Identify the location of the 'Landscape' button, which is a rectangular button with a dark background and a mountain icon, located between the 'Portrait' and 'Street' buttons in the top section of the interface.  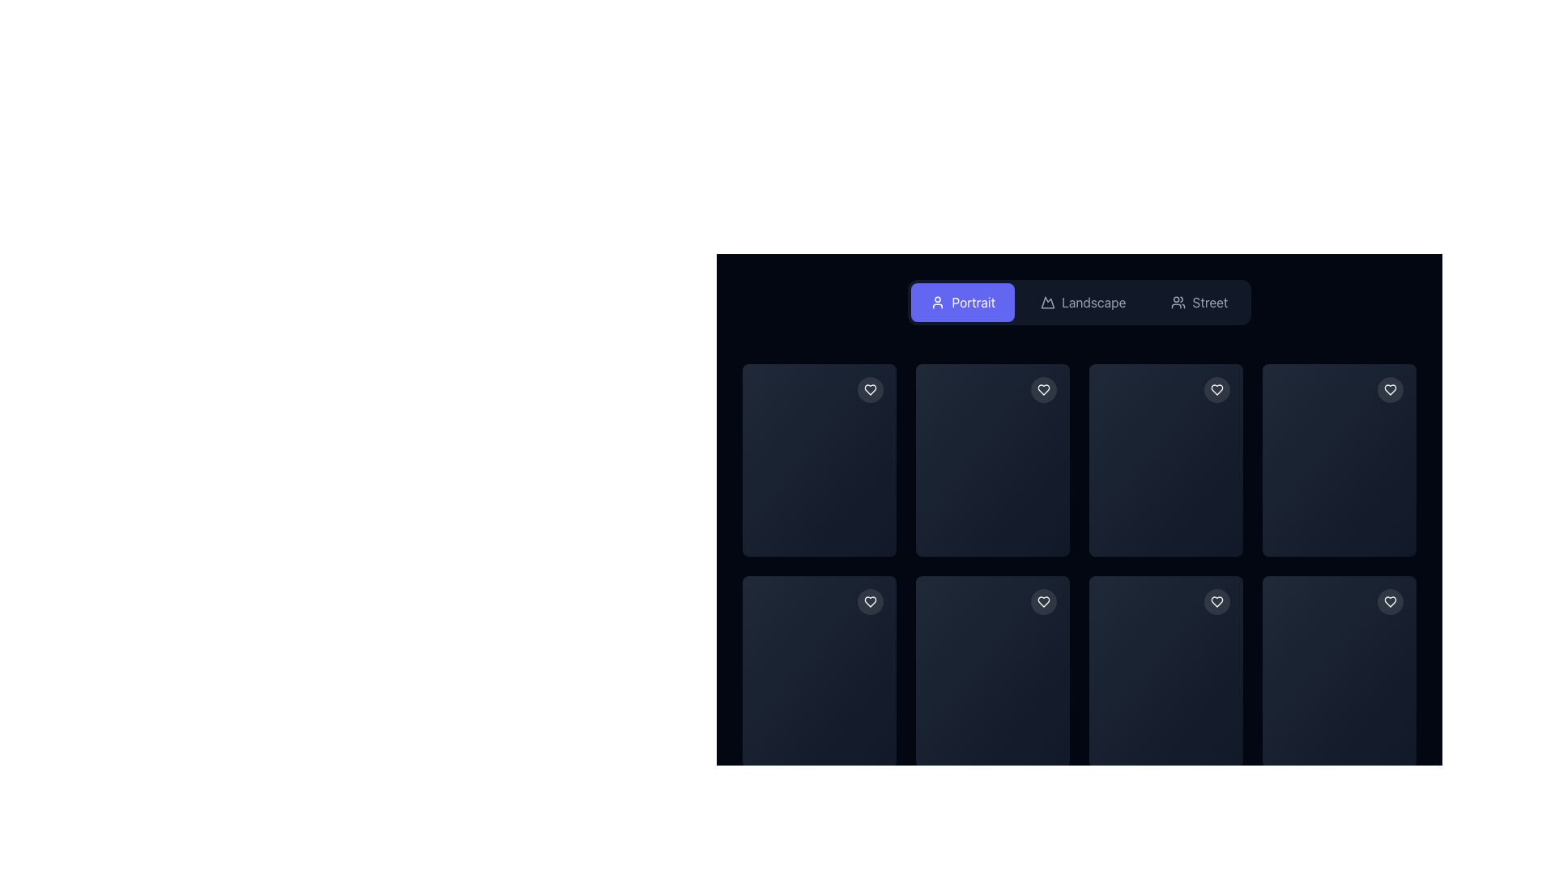
(1083, 303).